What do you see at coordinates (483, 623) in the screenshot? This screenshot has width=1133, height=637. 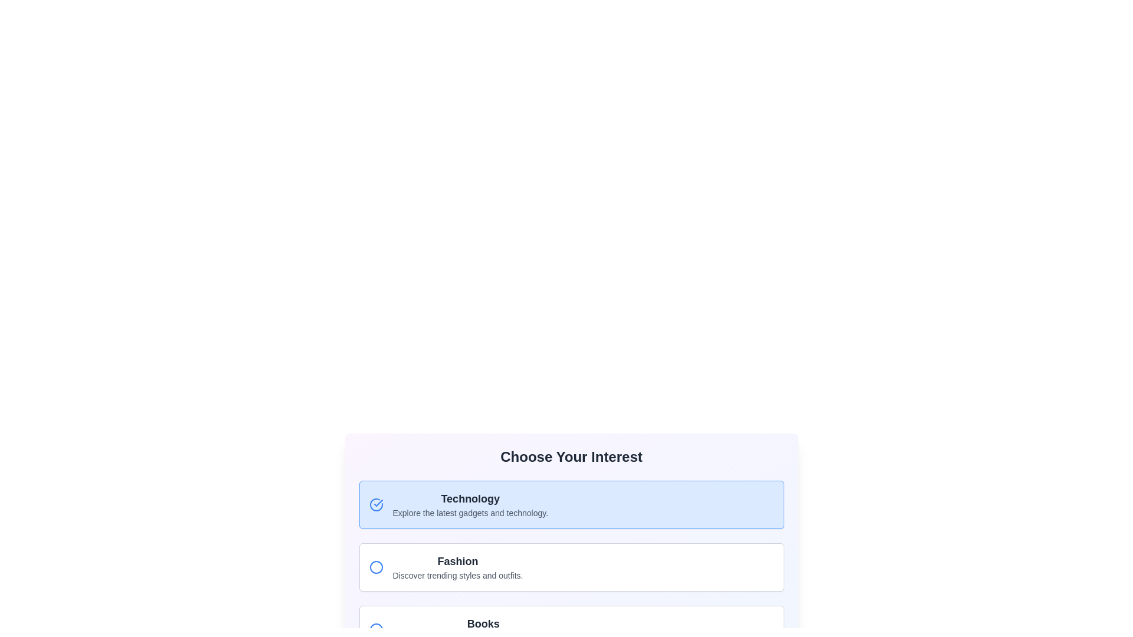 I see `the 'Books' category header text label` at bounding box center [483, 623].